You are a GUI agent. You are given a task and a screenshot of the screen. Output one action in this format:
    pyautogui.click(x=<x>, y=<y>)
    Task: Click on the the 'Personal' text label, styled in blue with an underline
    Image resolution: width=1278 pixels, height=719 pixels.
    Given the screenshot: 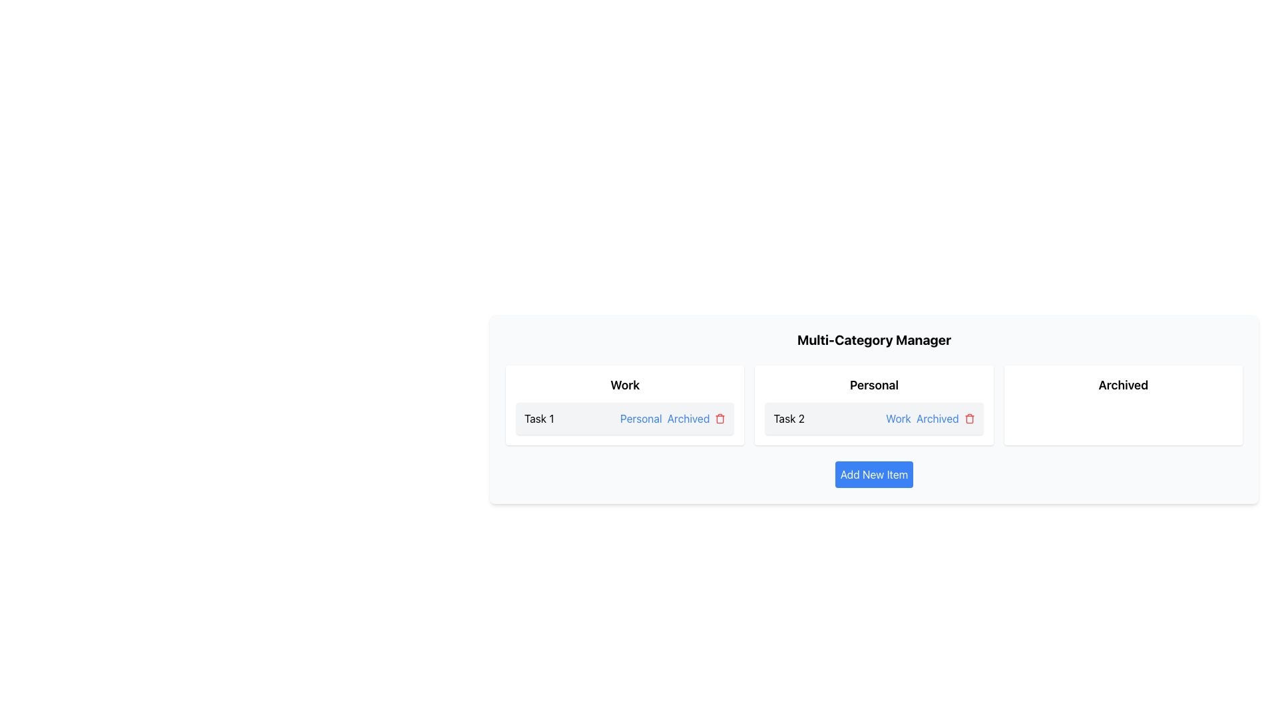 What is the action you would take?
    pyautogui.click(x=641, y=417)
    